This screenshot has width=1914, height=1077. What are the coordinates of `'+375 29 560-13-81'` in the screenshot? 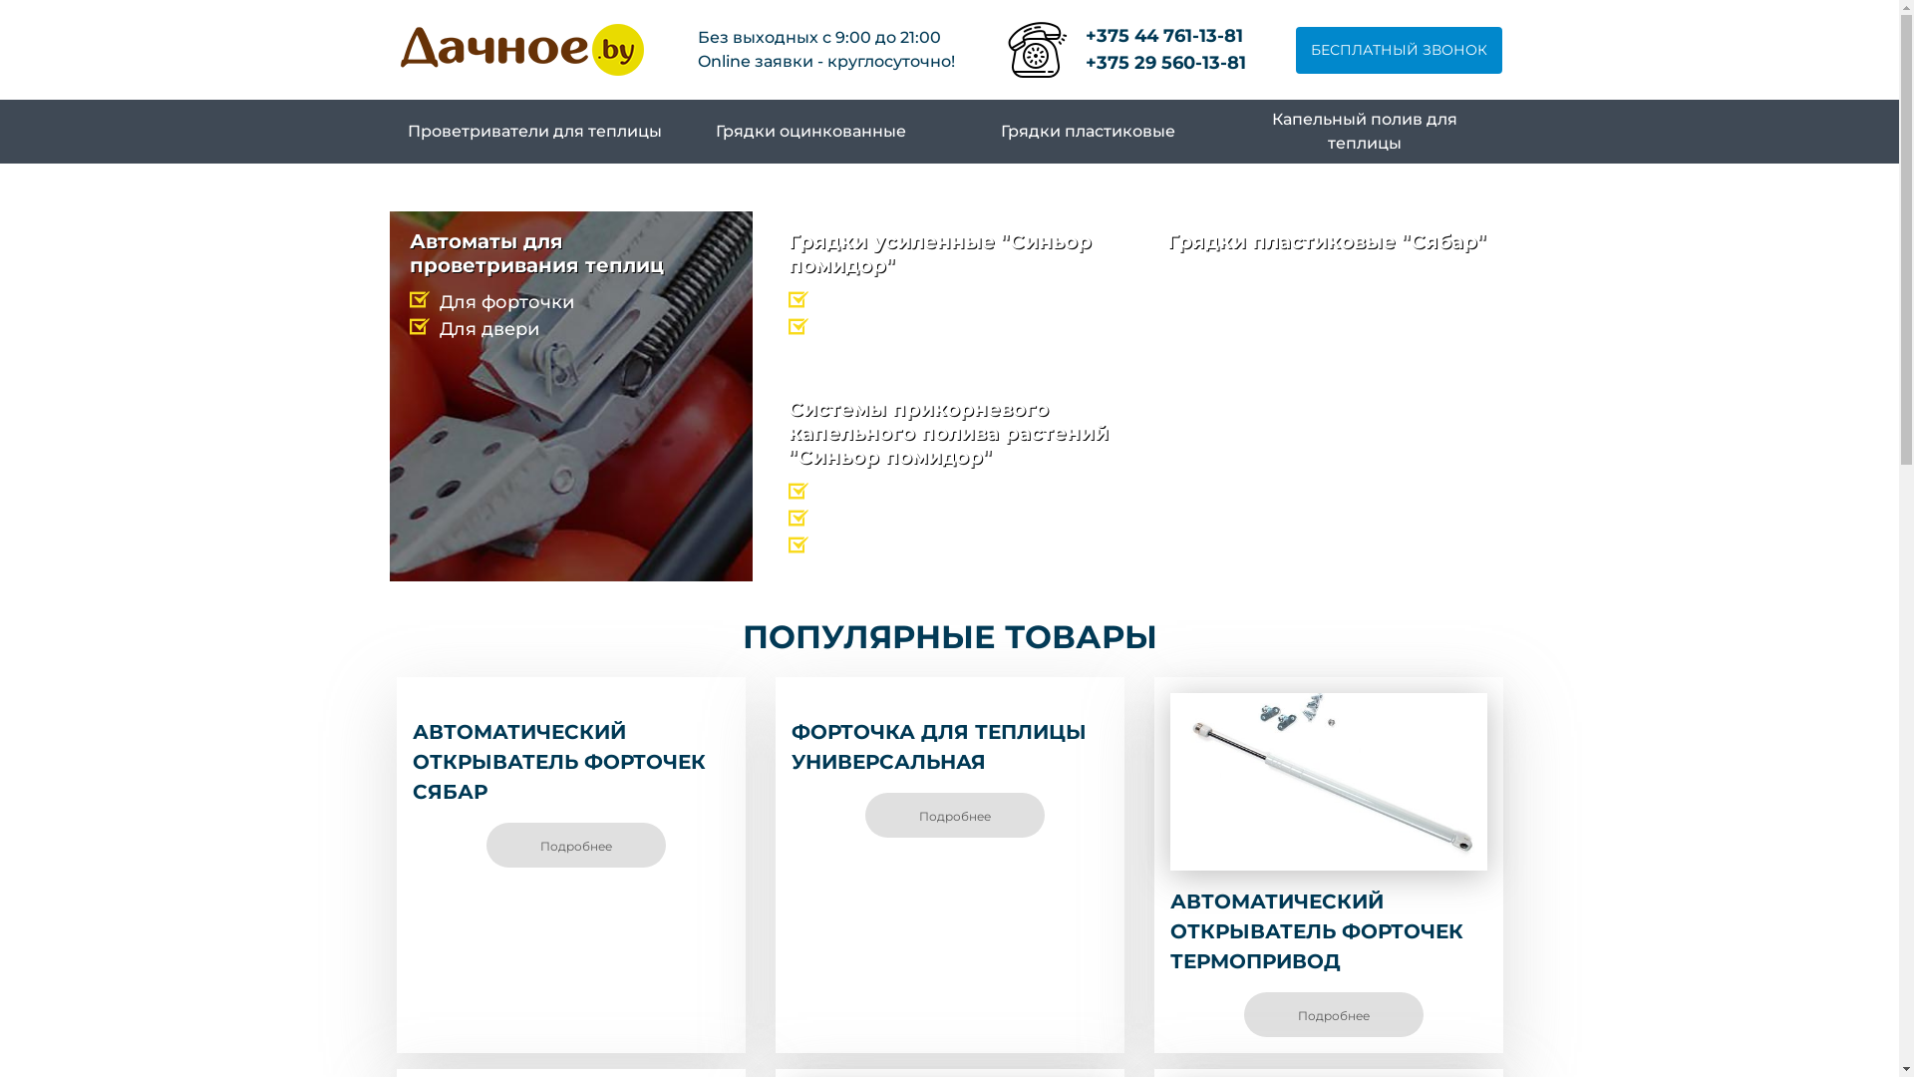 It's located at (1165, 62).